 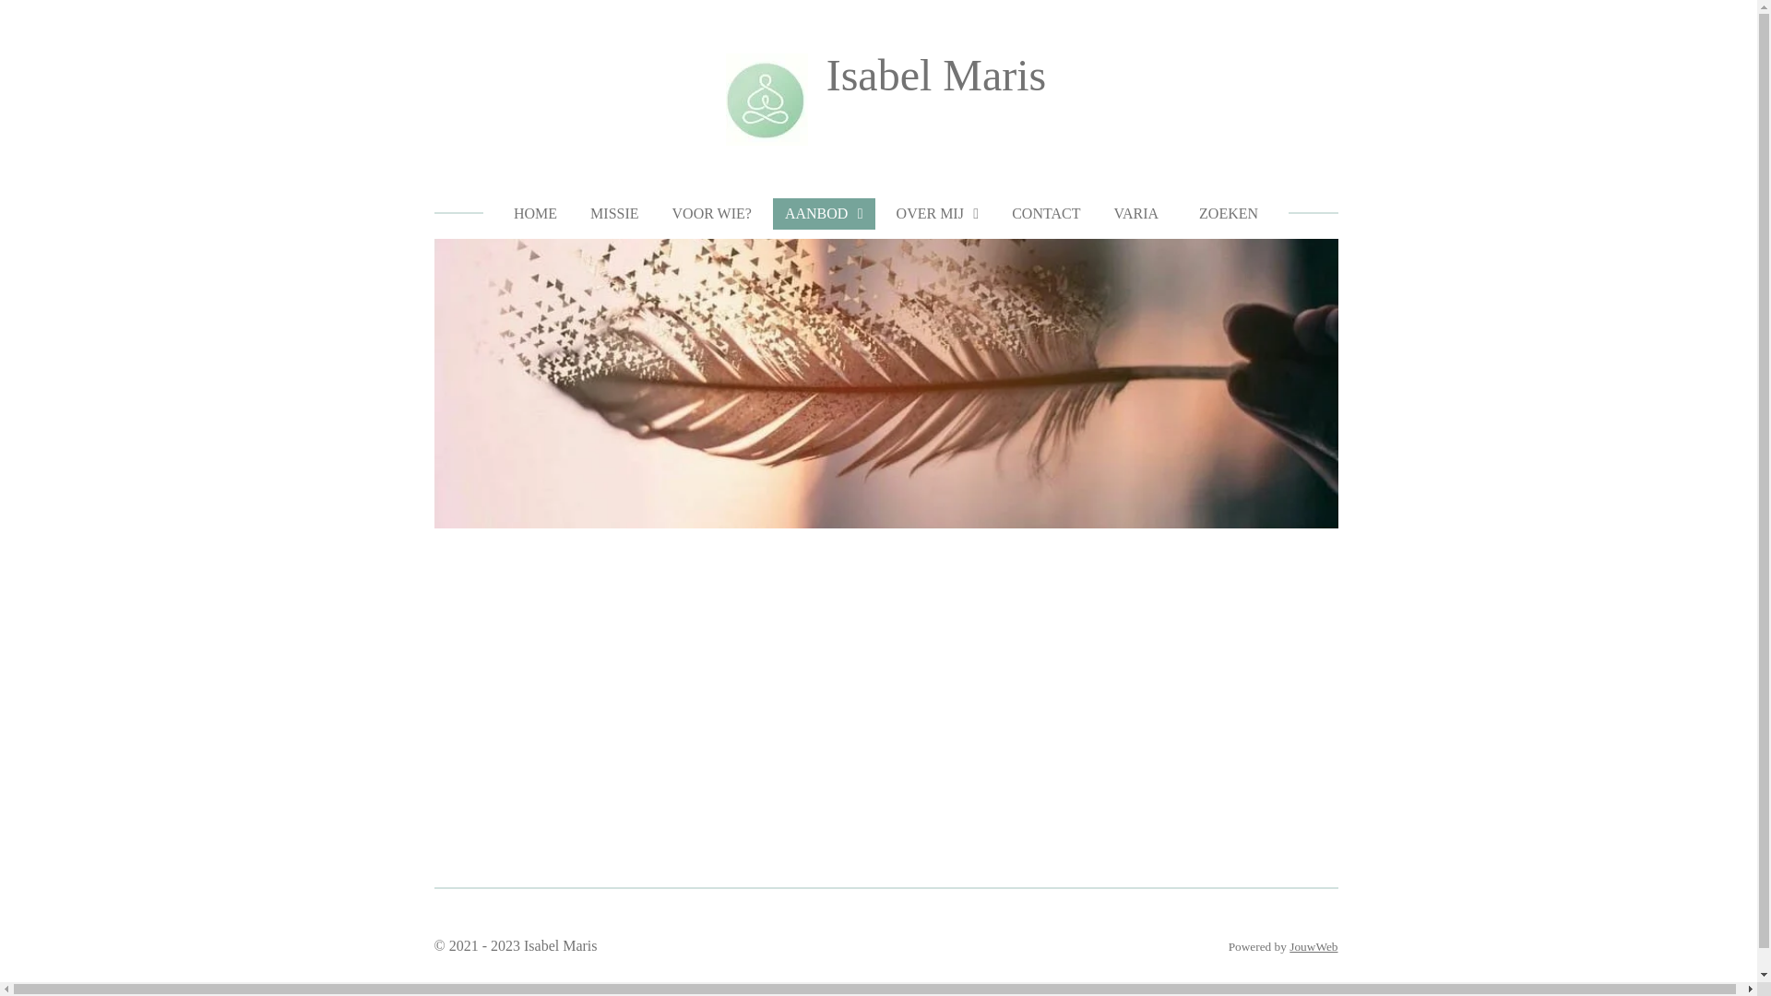 I want to click on 'CONTACT', so click(x=1045, y=212).